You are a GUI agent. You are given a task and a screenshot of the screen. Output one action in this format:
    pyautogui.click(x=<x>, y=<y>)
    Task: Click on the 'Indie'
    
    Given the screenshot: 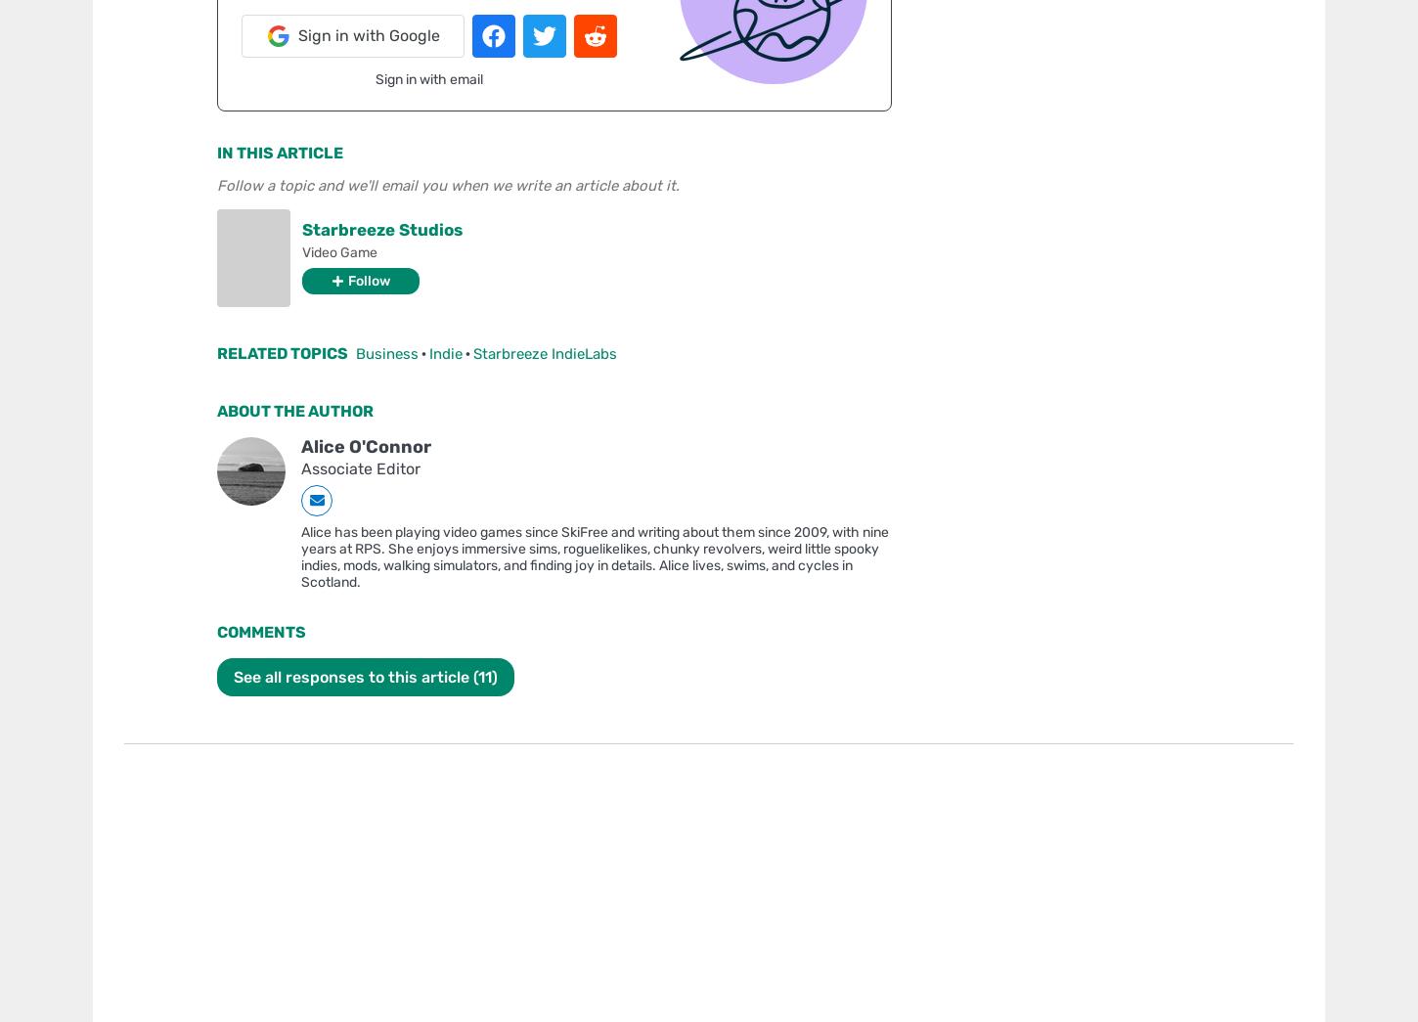 What is the action you would take?
    pyautogui.click(x=445, y=352)
    